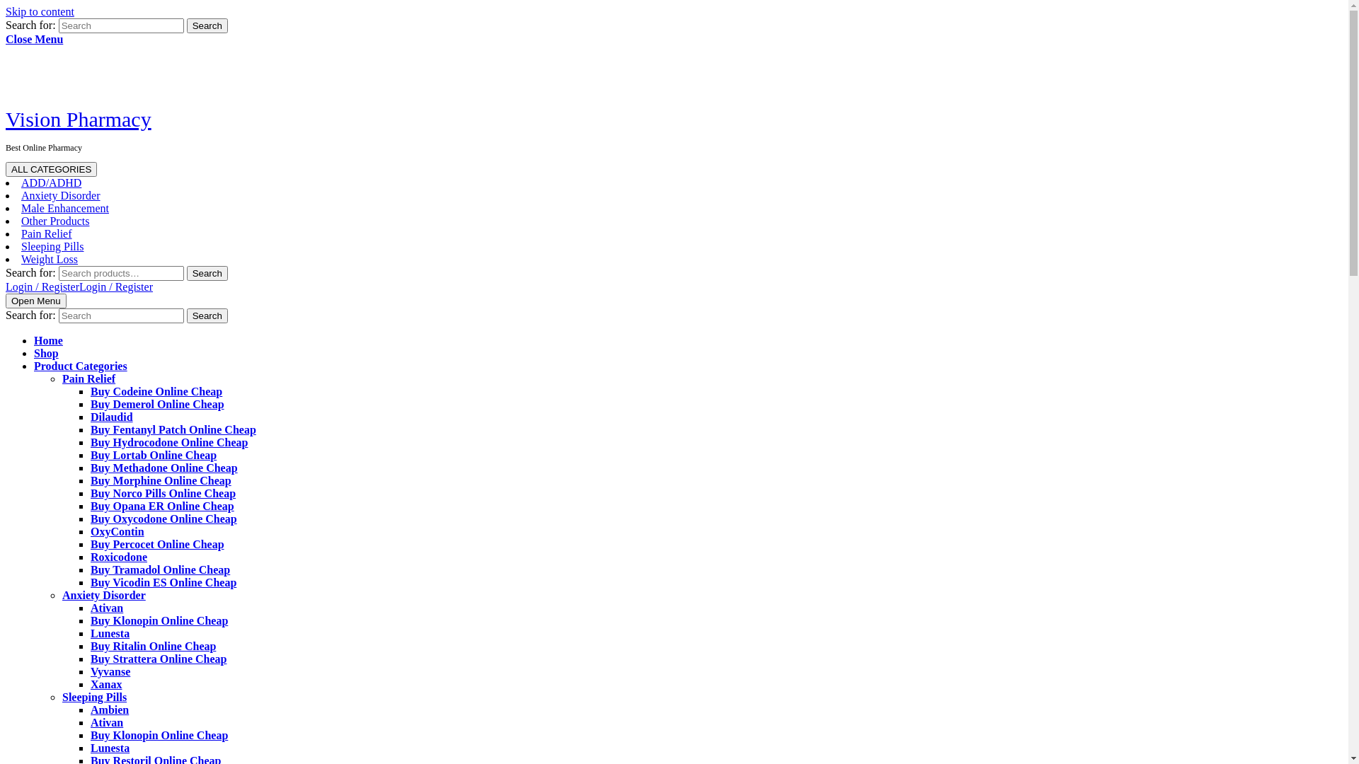 The image size is (1359, 764). I want to click on 'ALL CATEGORIES', so click(51, 168).